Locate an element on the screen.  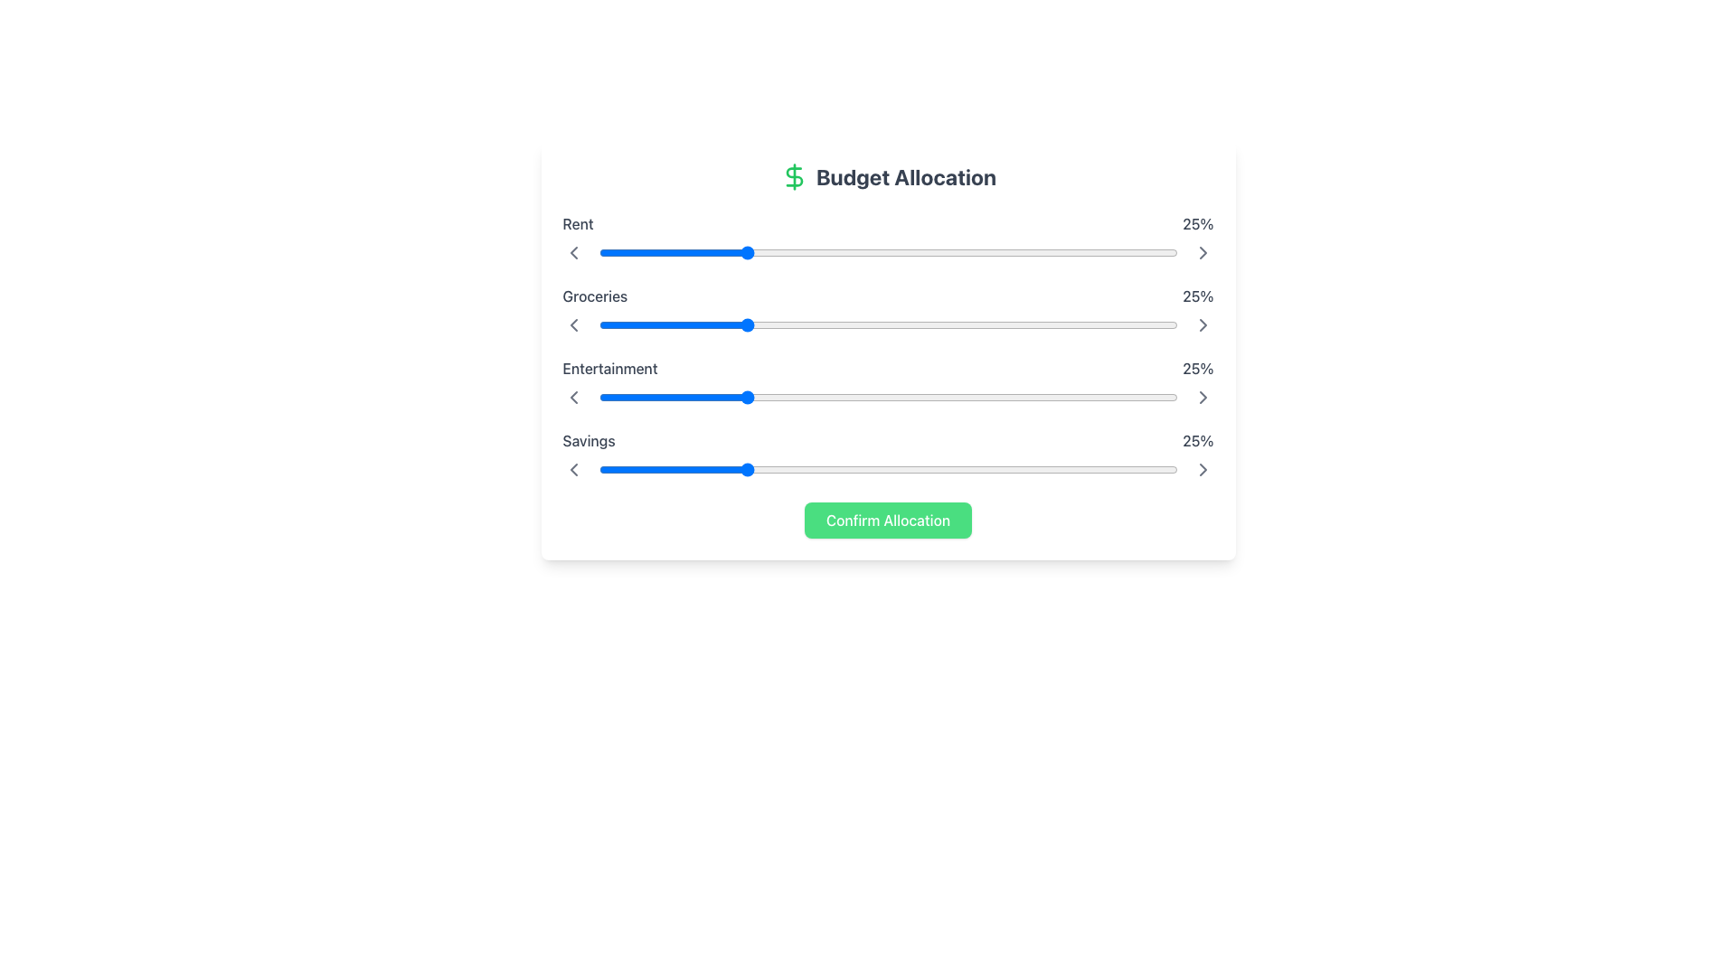
the groceries allocation percentage is located at coordinates (1085, 324).